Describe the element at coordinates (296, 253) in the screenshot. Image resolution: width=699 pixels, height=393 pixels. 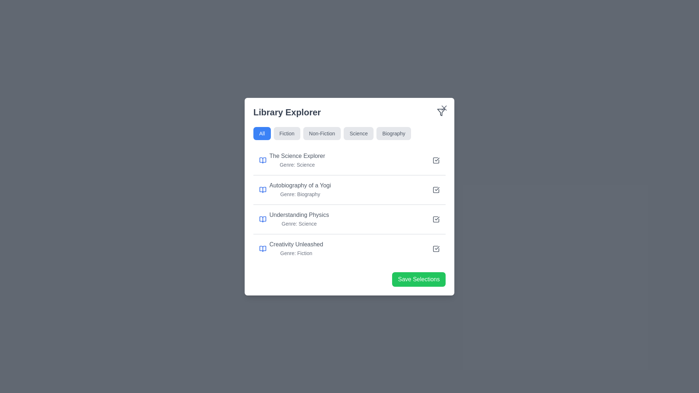
I see `the static text label that provides the genre information for the book 'Creativity Unleashed', located beneath the book title in the fourth list item` at that location.